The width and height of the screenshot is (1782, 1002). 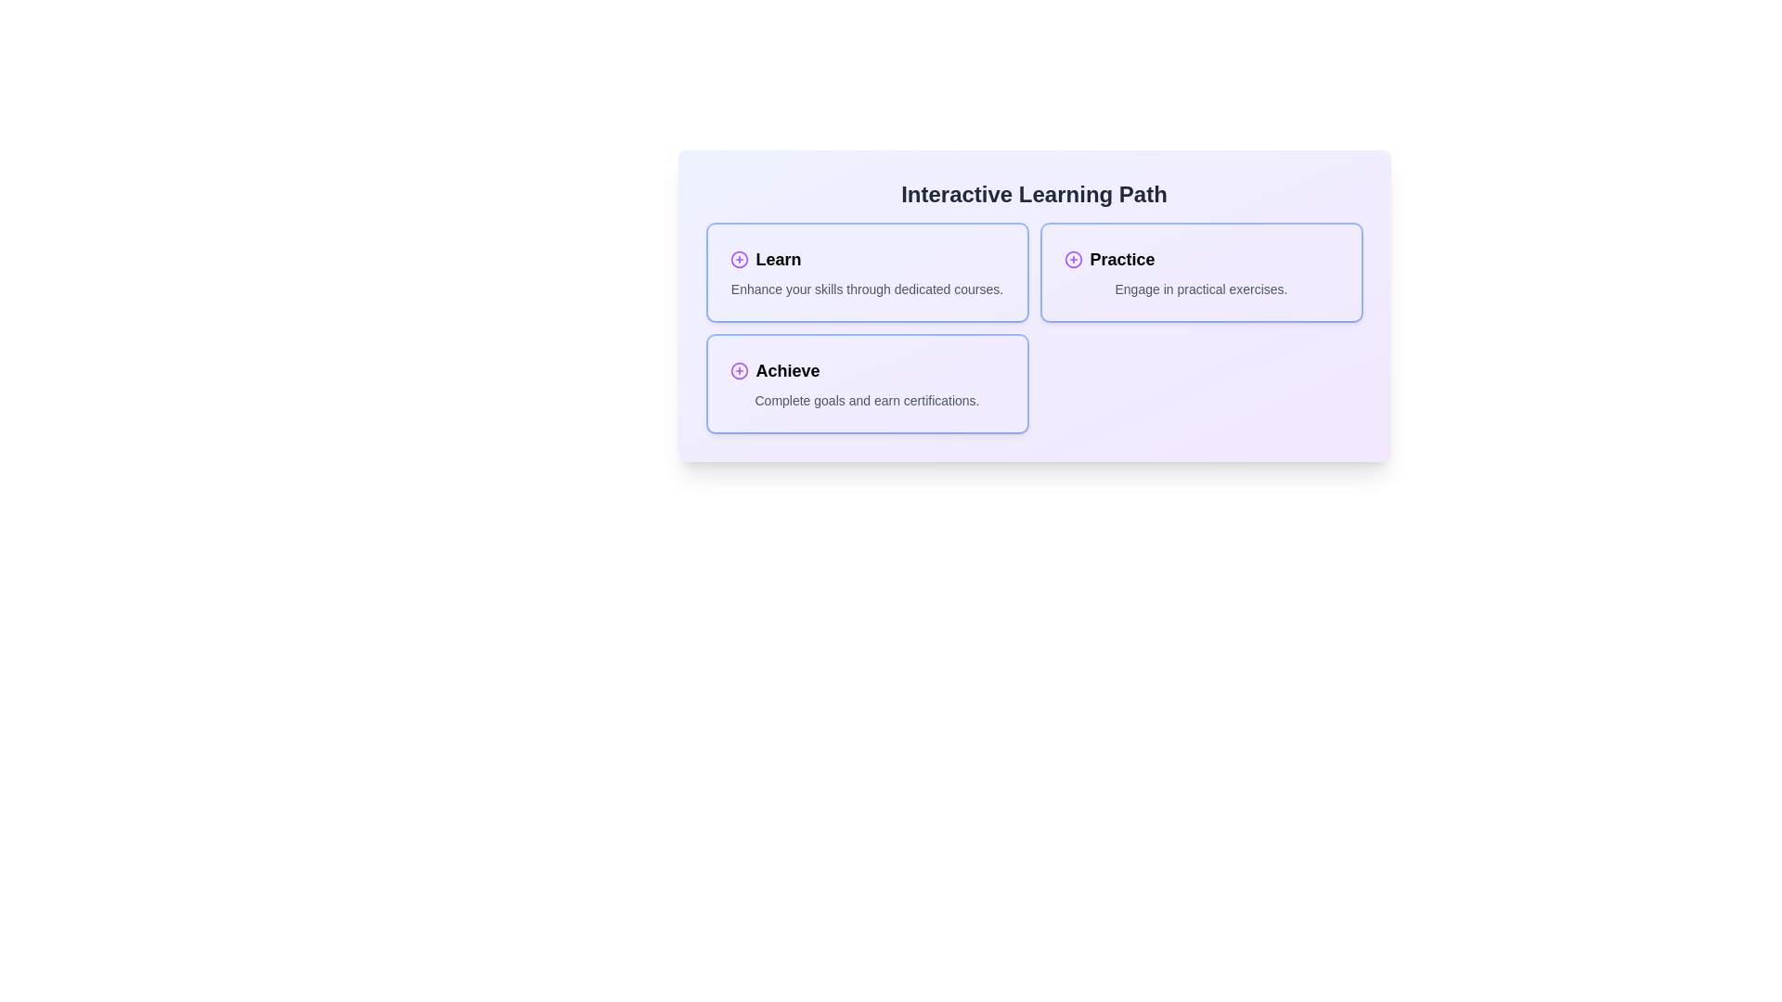 I want to click on the circular SVG element that indicates actions or statuses, which is positioned to the left of the 'Achieve' text, so click(x=738, y=371).